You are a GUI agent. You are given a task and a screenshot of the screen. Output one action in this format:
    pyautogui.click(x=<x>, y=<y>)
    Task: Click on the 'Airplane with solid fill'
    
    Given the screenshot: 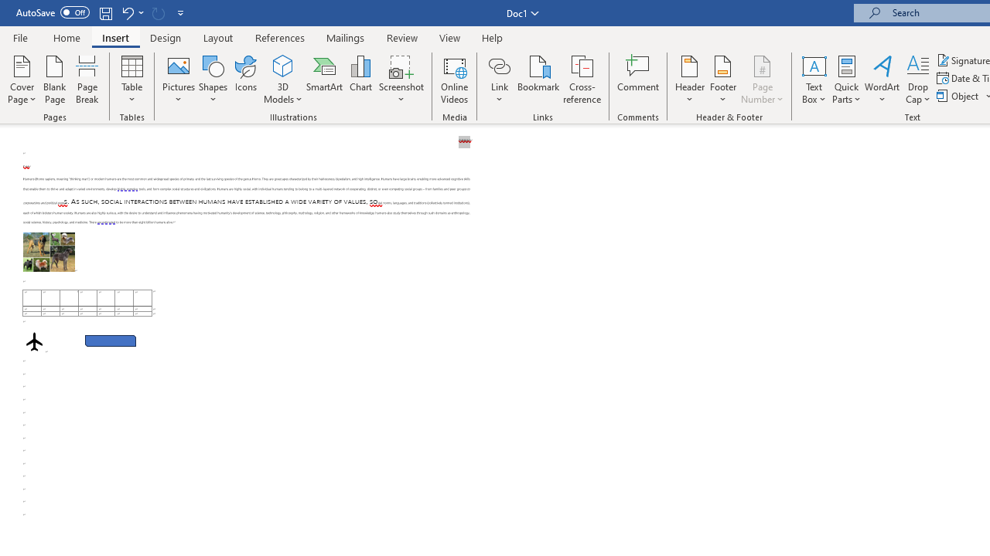 What is the action you would take?
    pyautogui.click(x=34, y=341)
    